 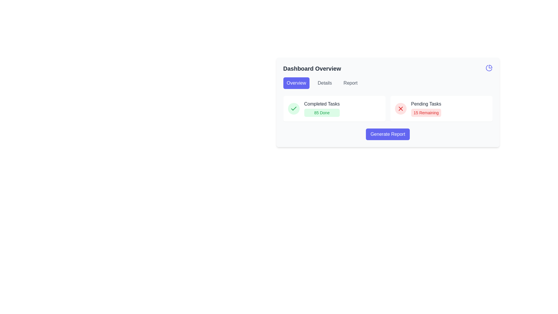 I want to click on the indigo button with white text that reads 'Generate Report' located below the 'Completed Tasks' and 'Pending Tasks' sections, so click(x=388, y=134).